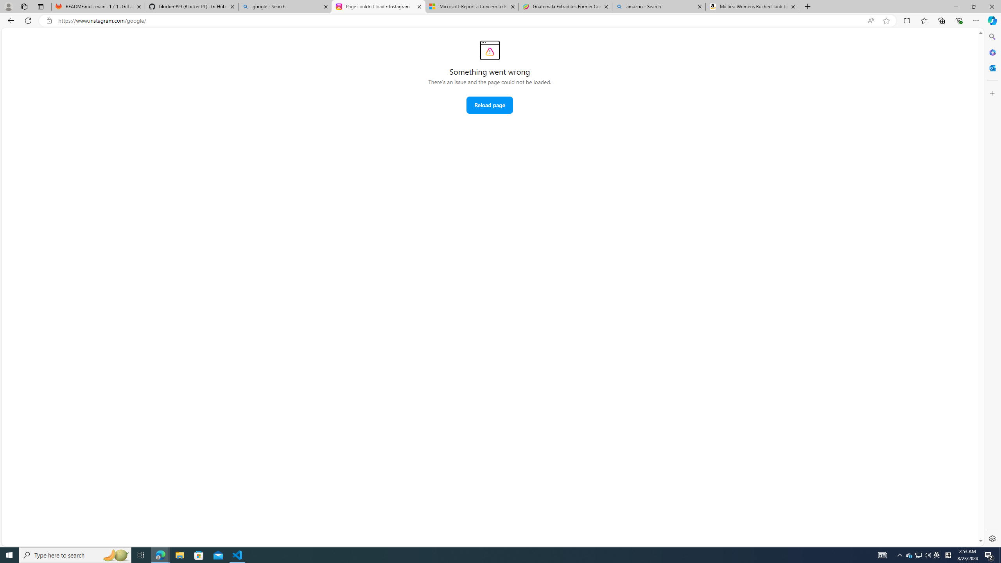 This screenshot has width=1001, height=563. What do you see at coordinates (49, 21) in the screenshot?
I see `'View site information'` at bounding box center [49, 21].